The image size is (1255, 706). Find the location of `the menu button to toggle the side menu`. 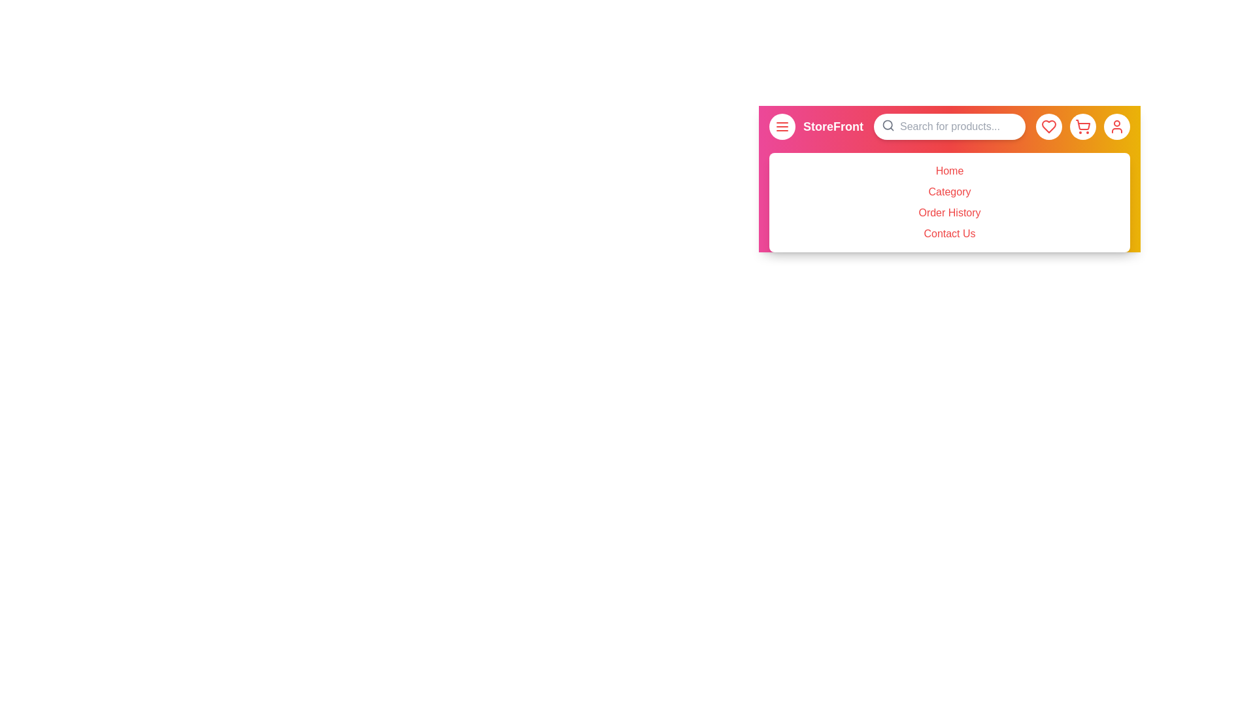

the menu button to toggle the side menu is located at coordinates (782, 126).